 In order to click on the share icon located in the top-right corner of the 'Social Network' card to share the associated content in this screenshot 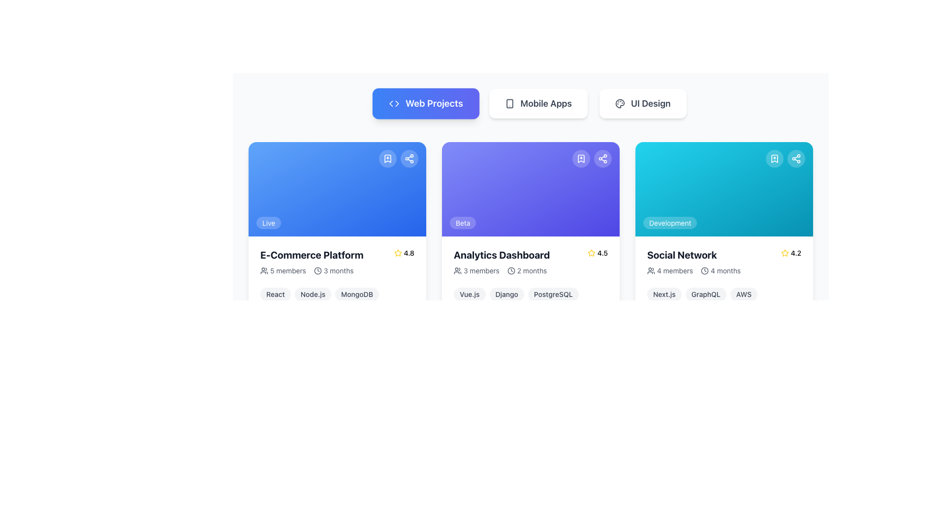, I will do `click(796, 158)`.